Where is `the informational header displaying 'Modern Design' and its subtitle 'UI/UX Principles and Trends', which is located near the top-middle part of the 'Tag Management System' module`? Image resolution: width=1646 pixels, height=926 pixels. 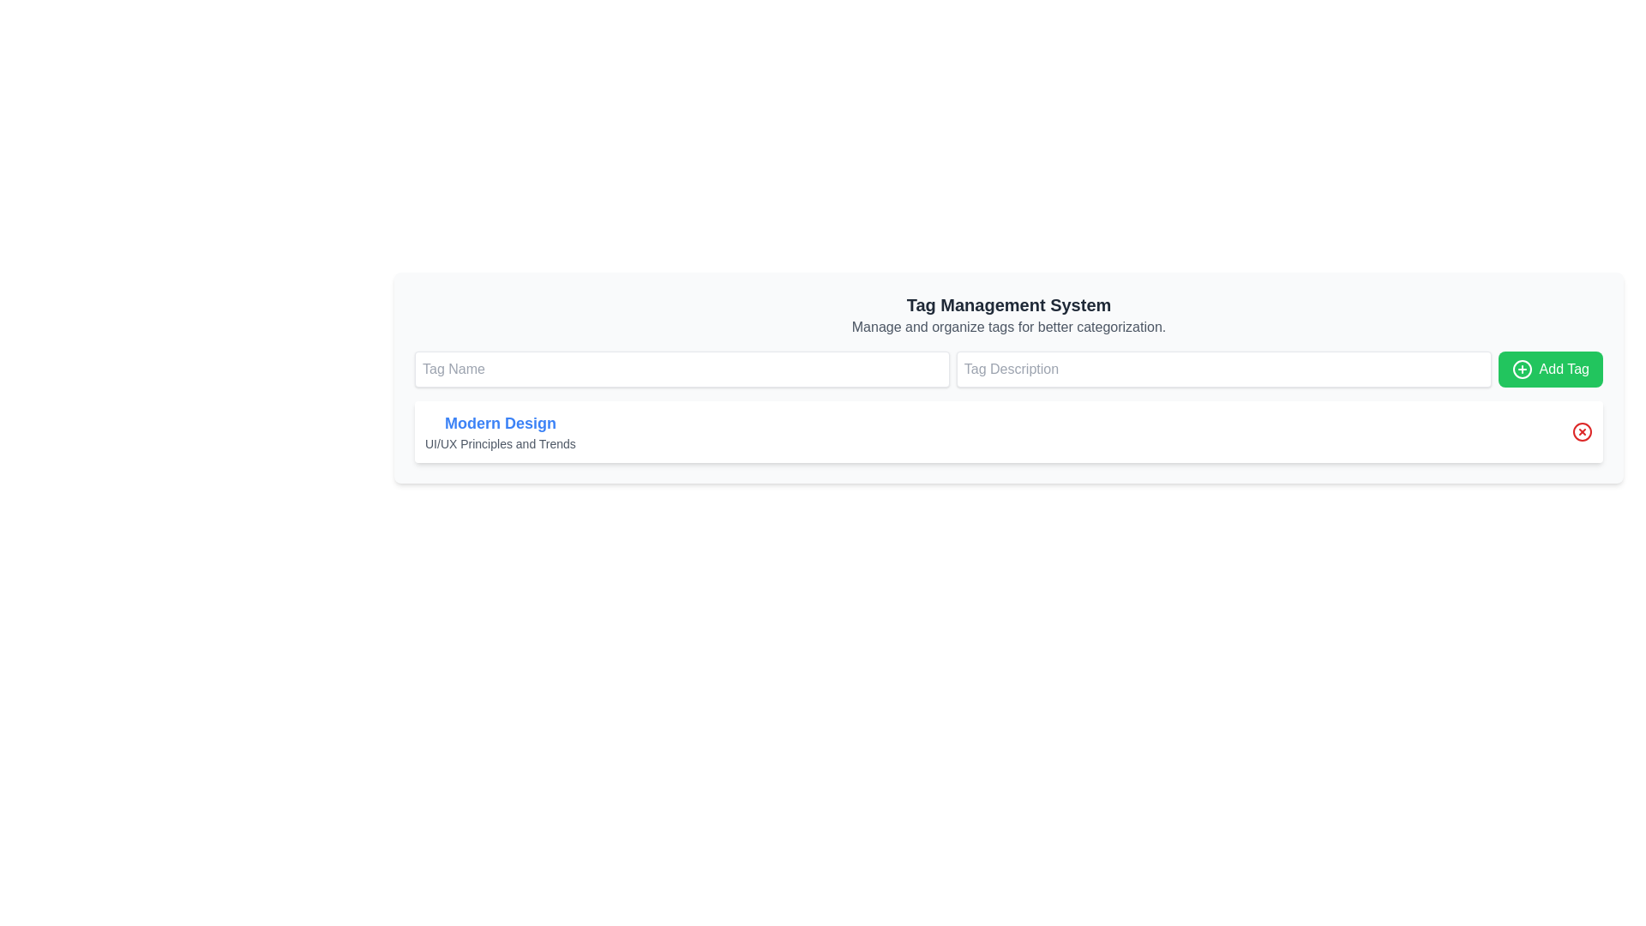
the informational header displaying 'Modern Design' and its subtitle 'UI/UX Principles and Trends', which is located near the top-middle part of the 'Tag Management System' module is located at coordinates (499, 431).